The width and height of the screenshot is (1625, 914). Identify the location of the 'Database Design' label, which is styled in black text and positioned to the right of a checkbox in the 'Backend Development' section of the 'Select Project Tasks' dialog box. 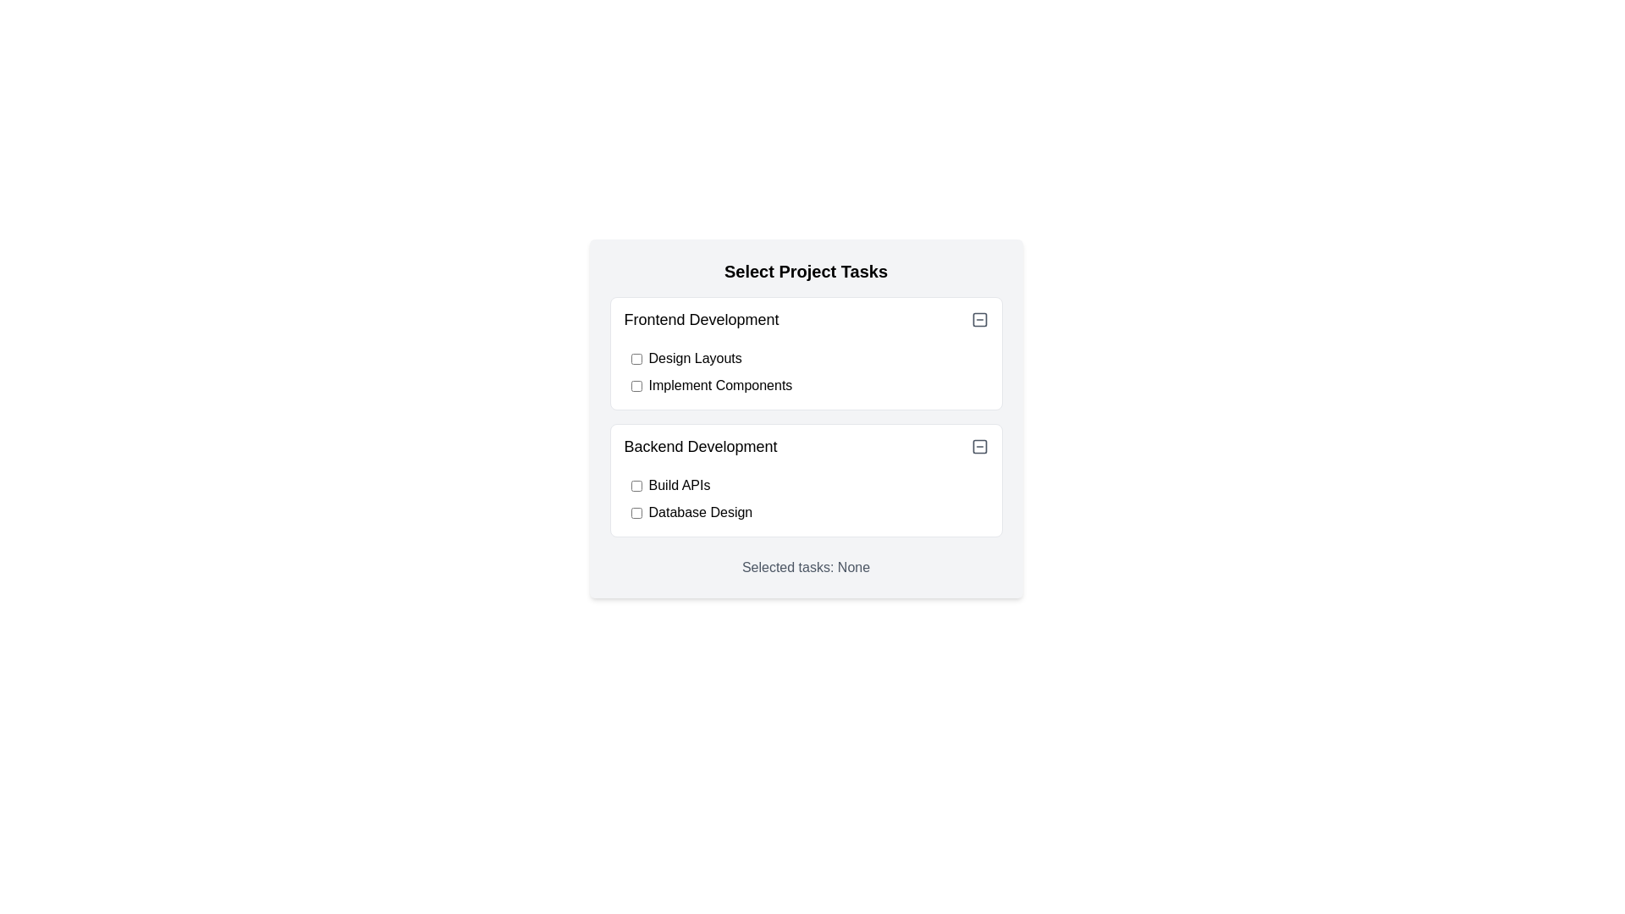
(700, 511).